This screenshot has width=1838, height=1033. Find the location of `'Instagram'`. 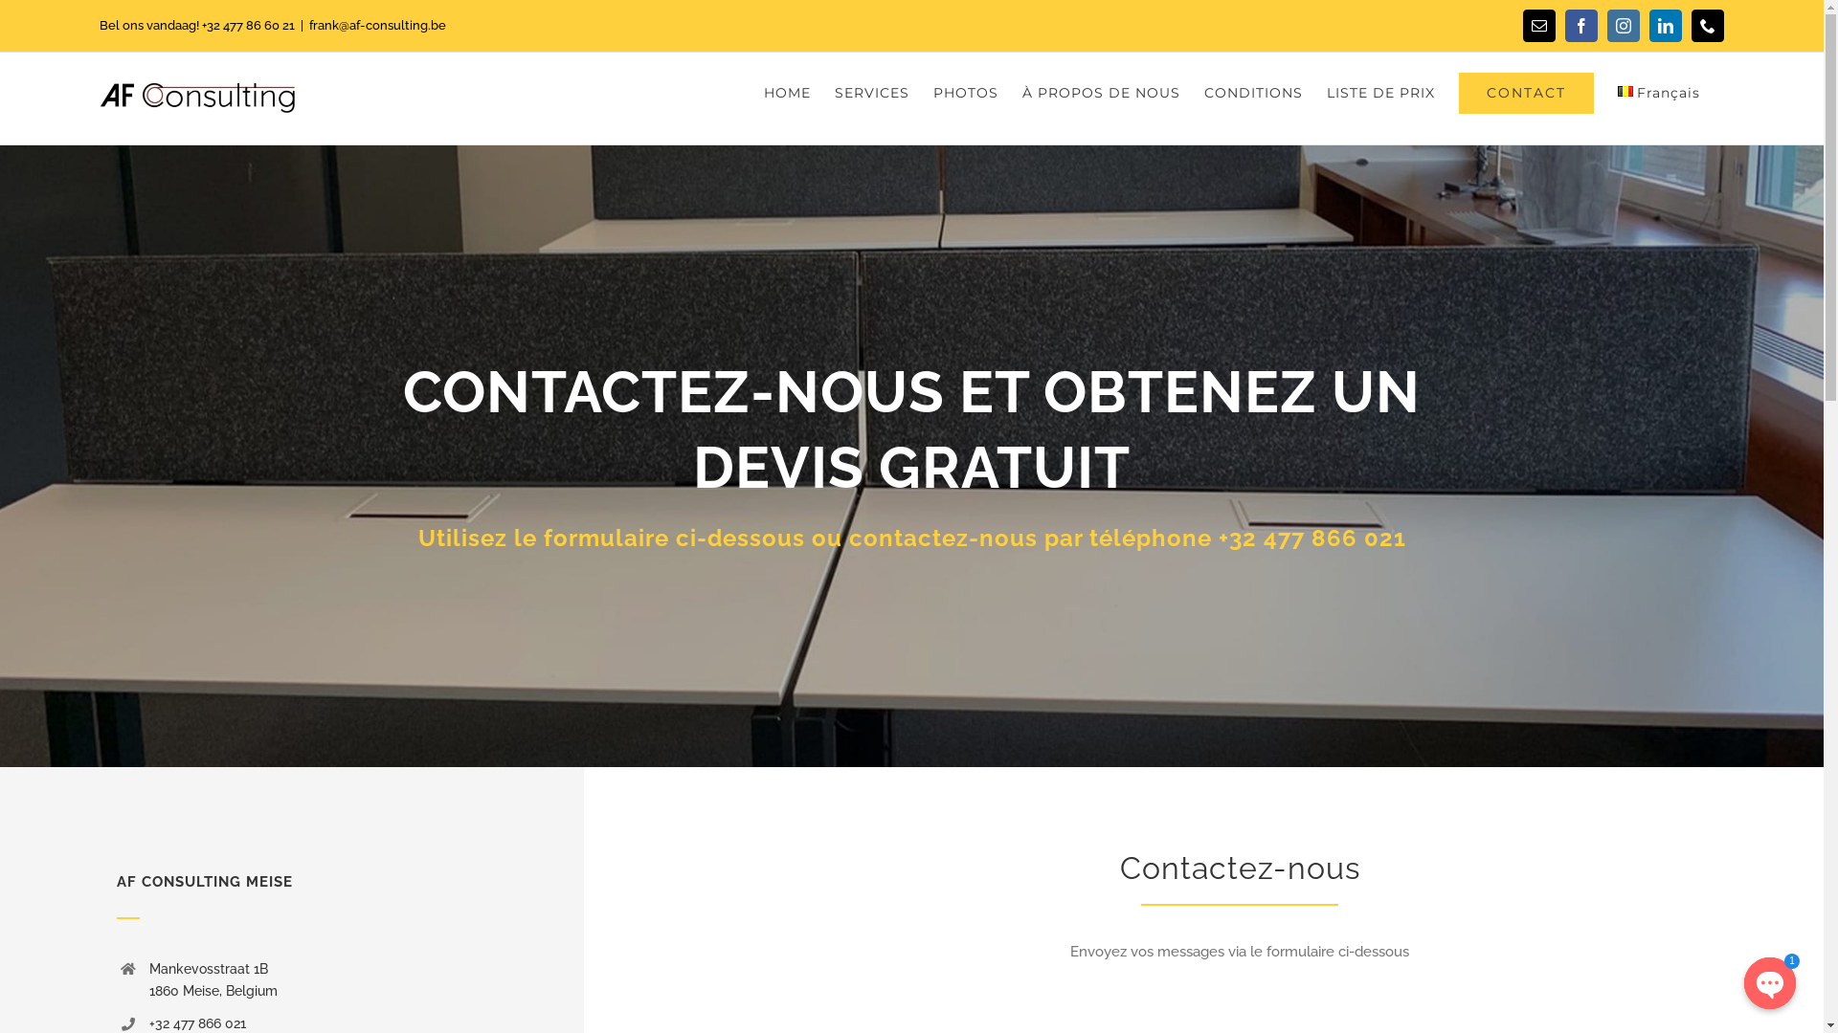

'Instagram' is located at coordinates (1622, 26).